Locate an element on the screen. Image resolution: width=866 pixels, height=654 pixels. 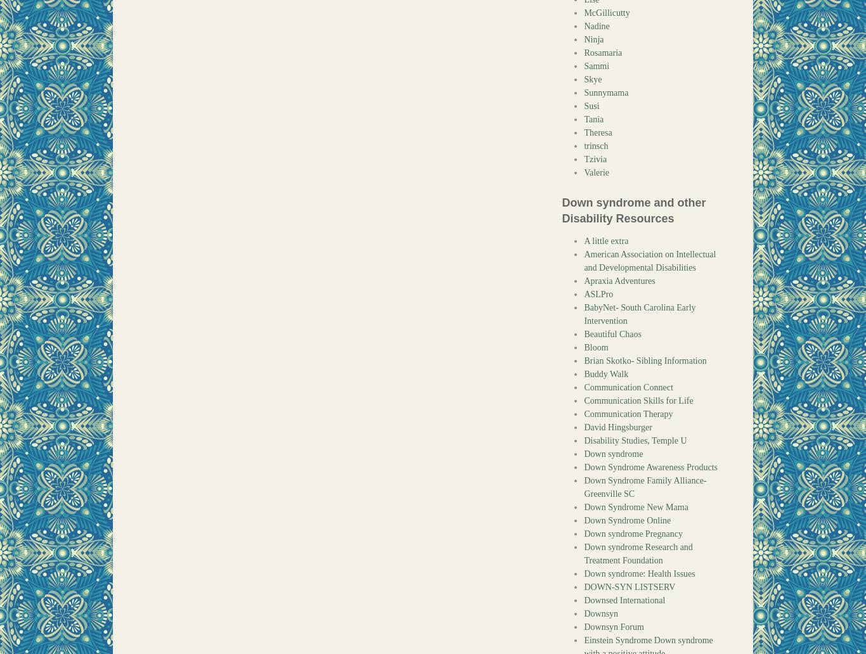
'Sammi' is located at coordinates (583, 66).